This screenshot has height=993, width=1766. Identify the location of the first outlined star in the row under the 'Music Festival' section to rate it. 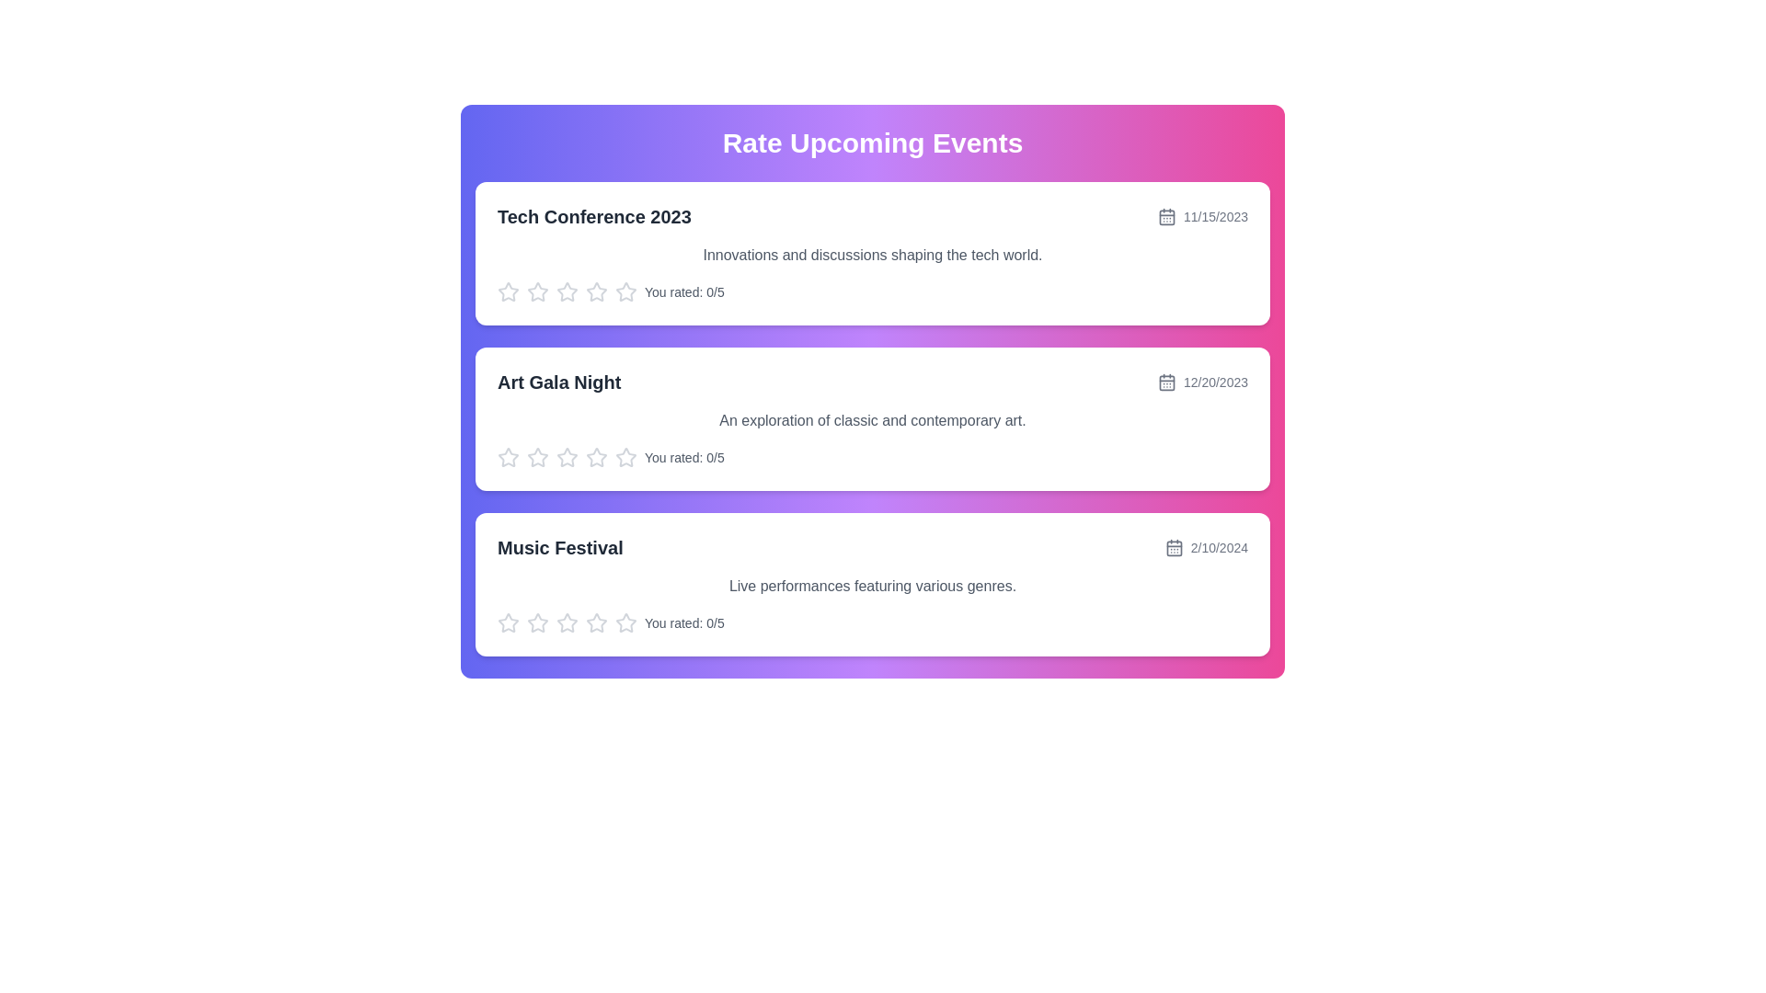
(537, 622).